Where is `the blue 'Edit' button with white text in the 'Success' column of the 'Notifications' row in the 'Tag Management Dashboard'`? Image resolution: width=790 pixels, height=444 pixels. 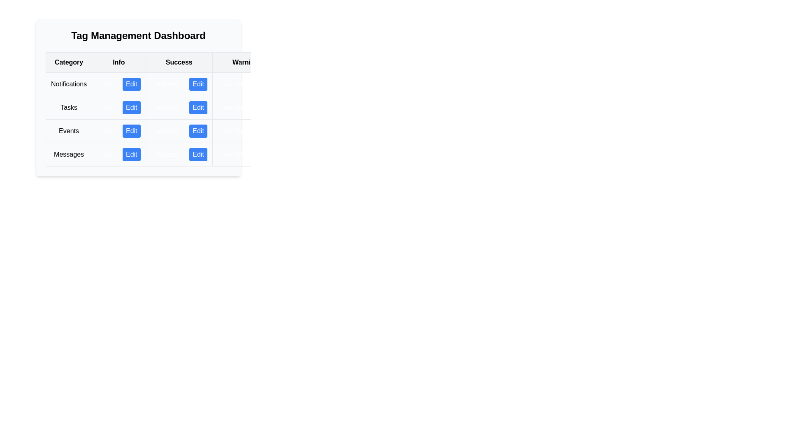 the blue 'Edit' button with white text in the 'Success' column of the 'Notifications' row in the 'Tag Management Dashboard' is located at coordinates (198, 84).